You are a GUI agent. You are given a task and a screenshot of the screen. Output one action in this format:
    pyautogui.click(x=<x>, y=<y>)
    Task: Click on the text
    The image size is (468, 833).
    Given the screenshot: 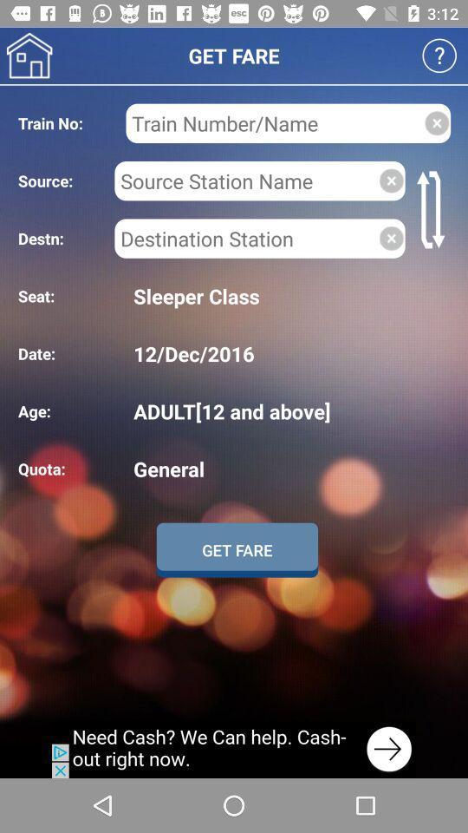 What is the action you would take?
    pyautogui.click(x=275, y=122)
    